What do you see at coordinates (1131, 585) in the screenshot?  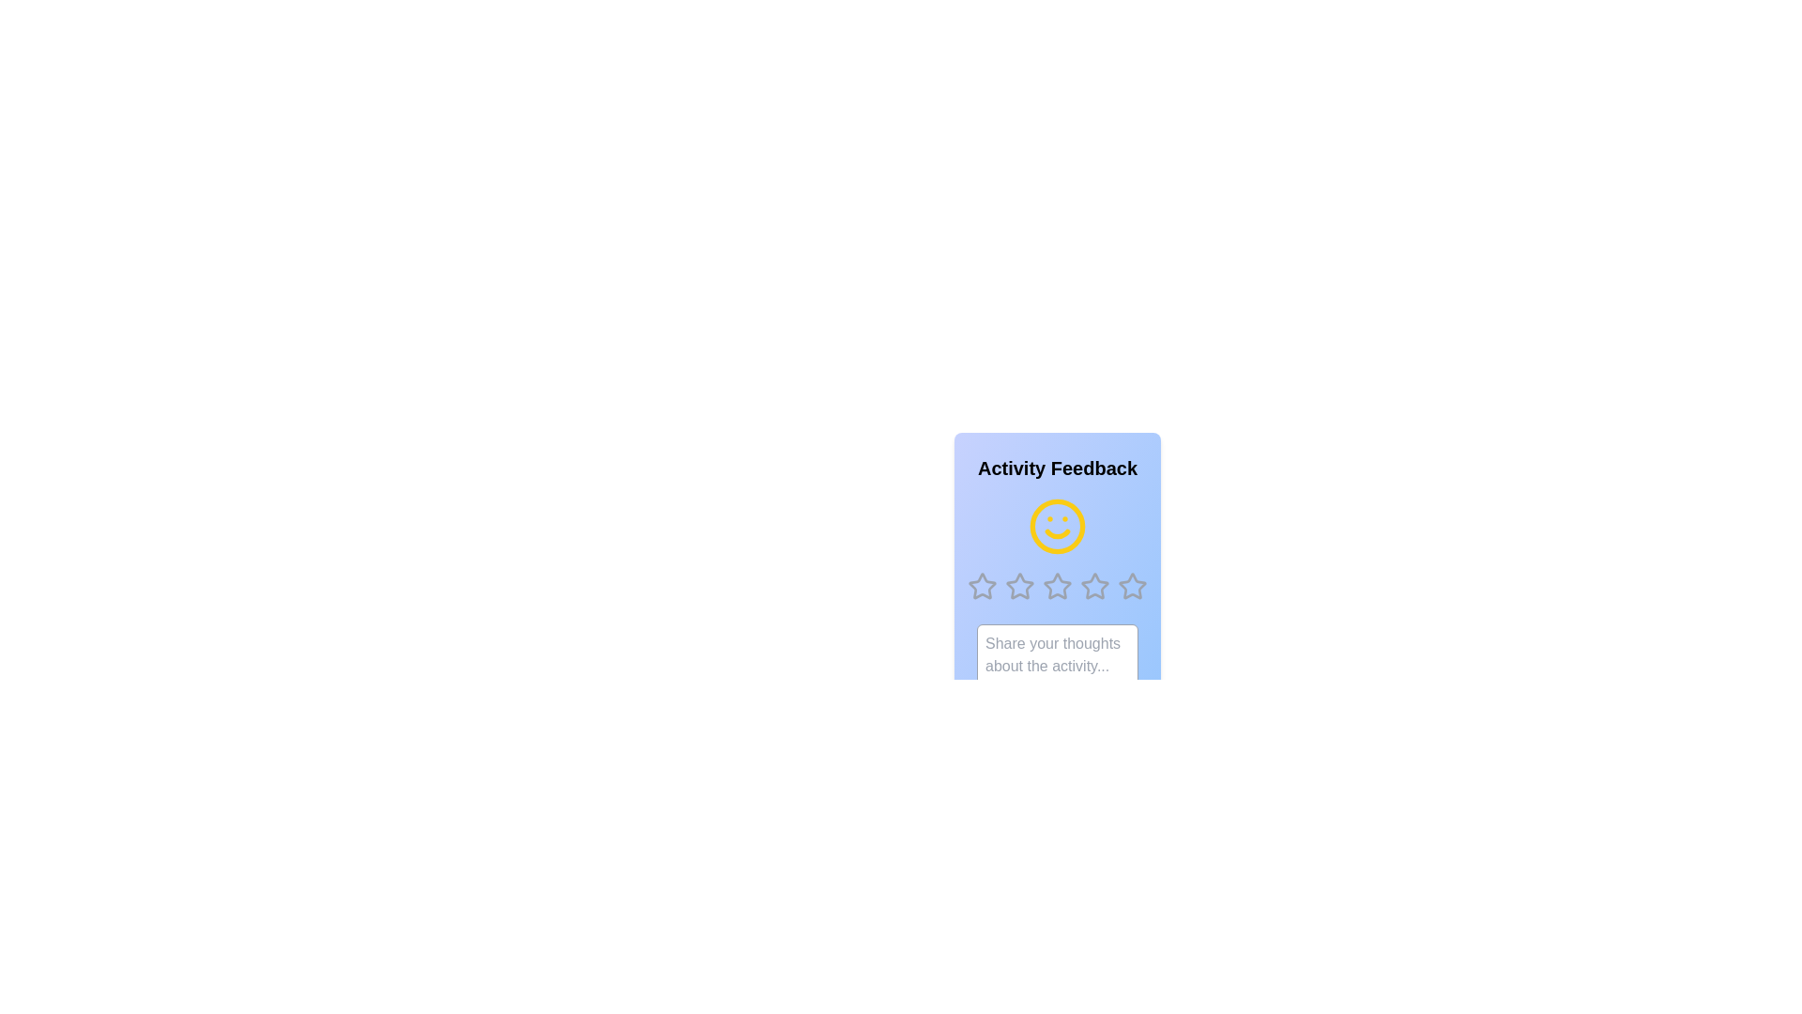 I see `the cursor over the fifth star in the rating system` at bounding box center [1131, 585].